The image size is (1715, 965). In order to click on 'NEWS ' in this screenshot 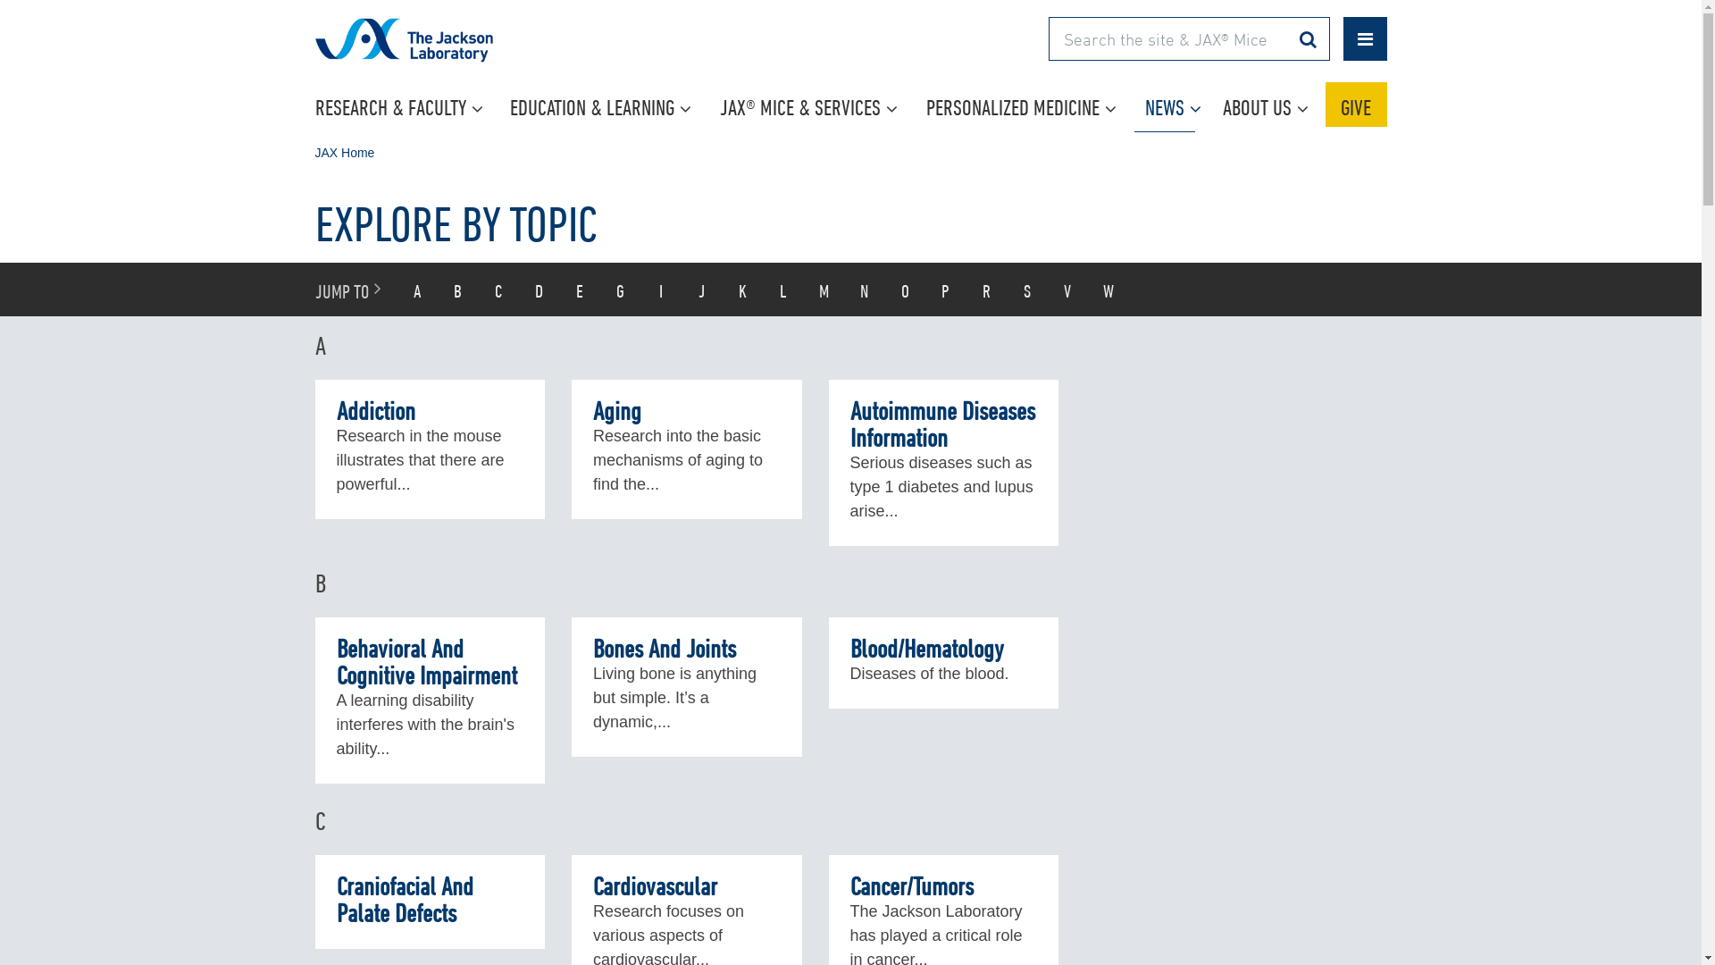, I will do `click(1173, 104)`.